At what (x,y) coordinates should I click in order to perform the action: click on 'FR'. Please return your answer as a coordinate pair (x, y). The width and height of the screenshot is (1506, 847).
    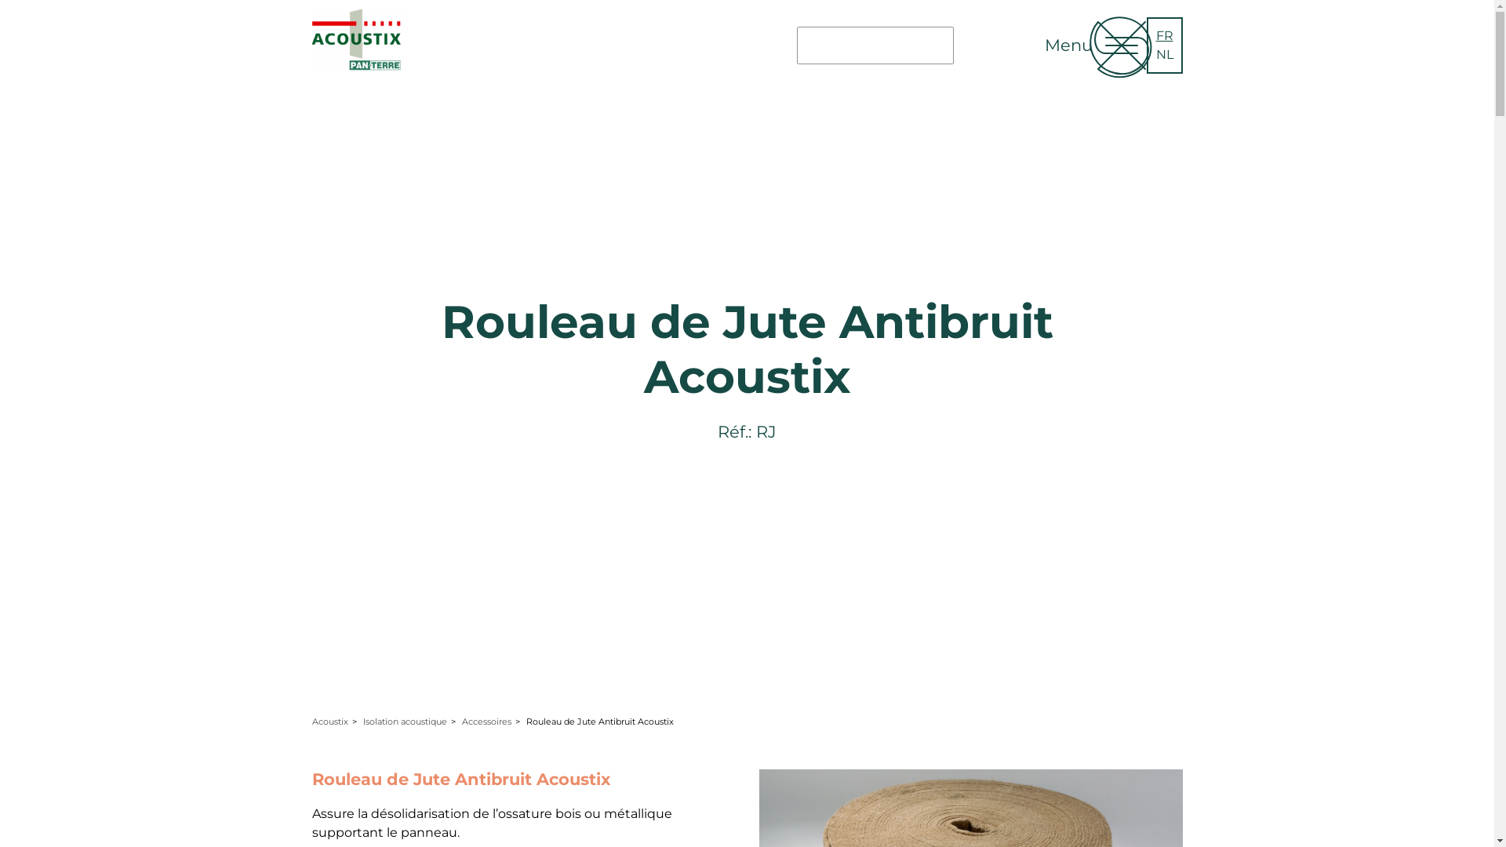
    Looking at the image, I should click on (1164, 35).